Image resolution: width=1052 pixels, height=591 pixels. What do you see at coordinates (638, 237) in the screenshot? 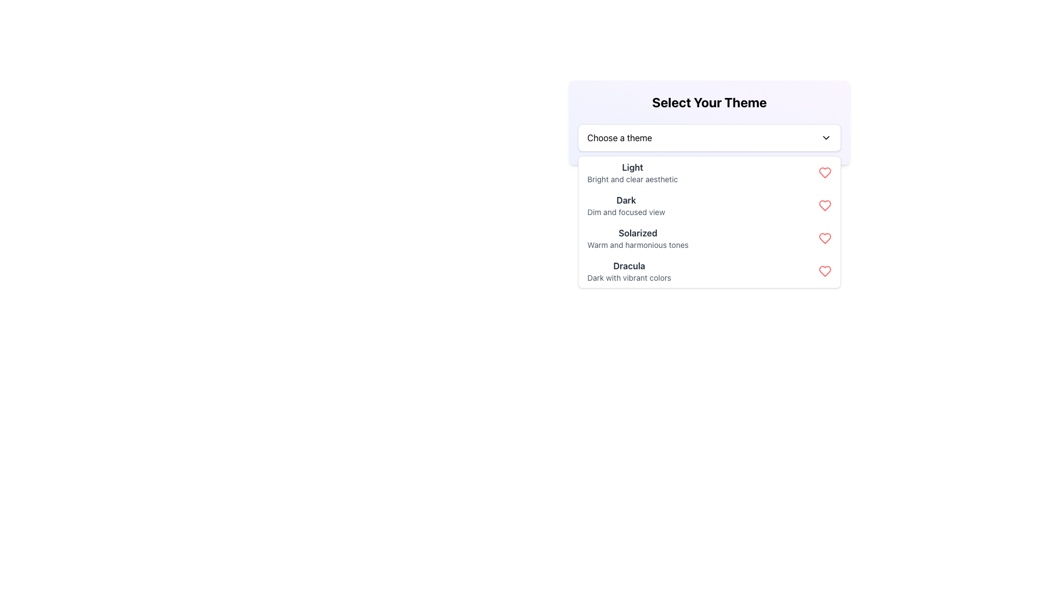
I see `the 'Solarized' theme text block in the thematic dropdown list titled 'Select Your Theme', which is positioned between 'Dark' and 'Dracula'` at bounding box center [638, 237].